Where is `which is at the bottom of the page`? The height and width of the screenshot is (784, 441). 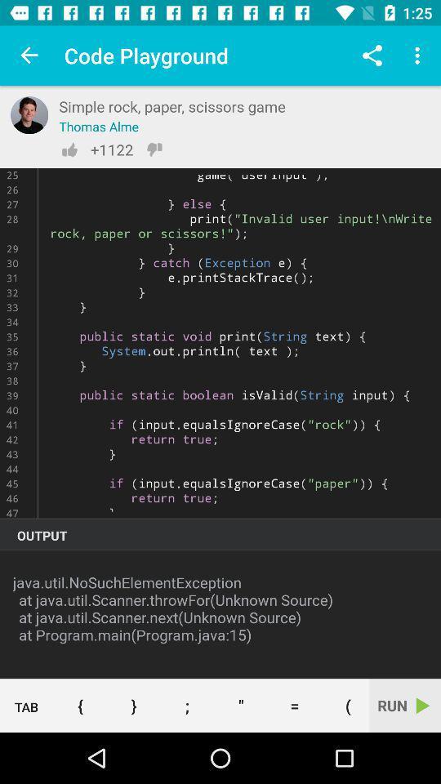
which is at the bottom of the page is located at coordinates (132, 705).